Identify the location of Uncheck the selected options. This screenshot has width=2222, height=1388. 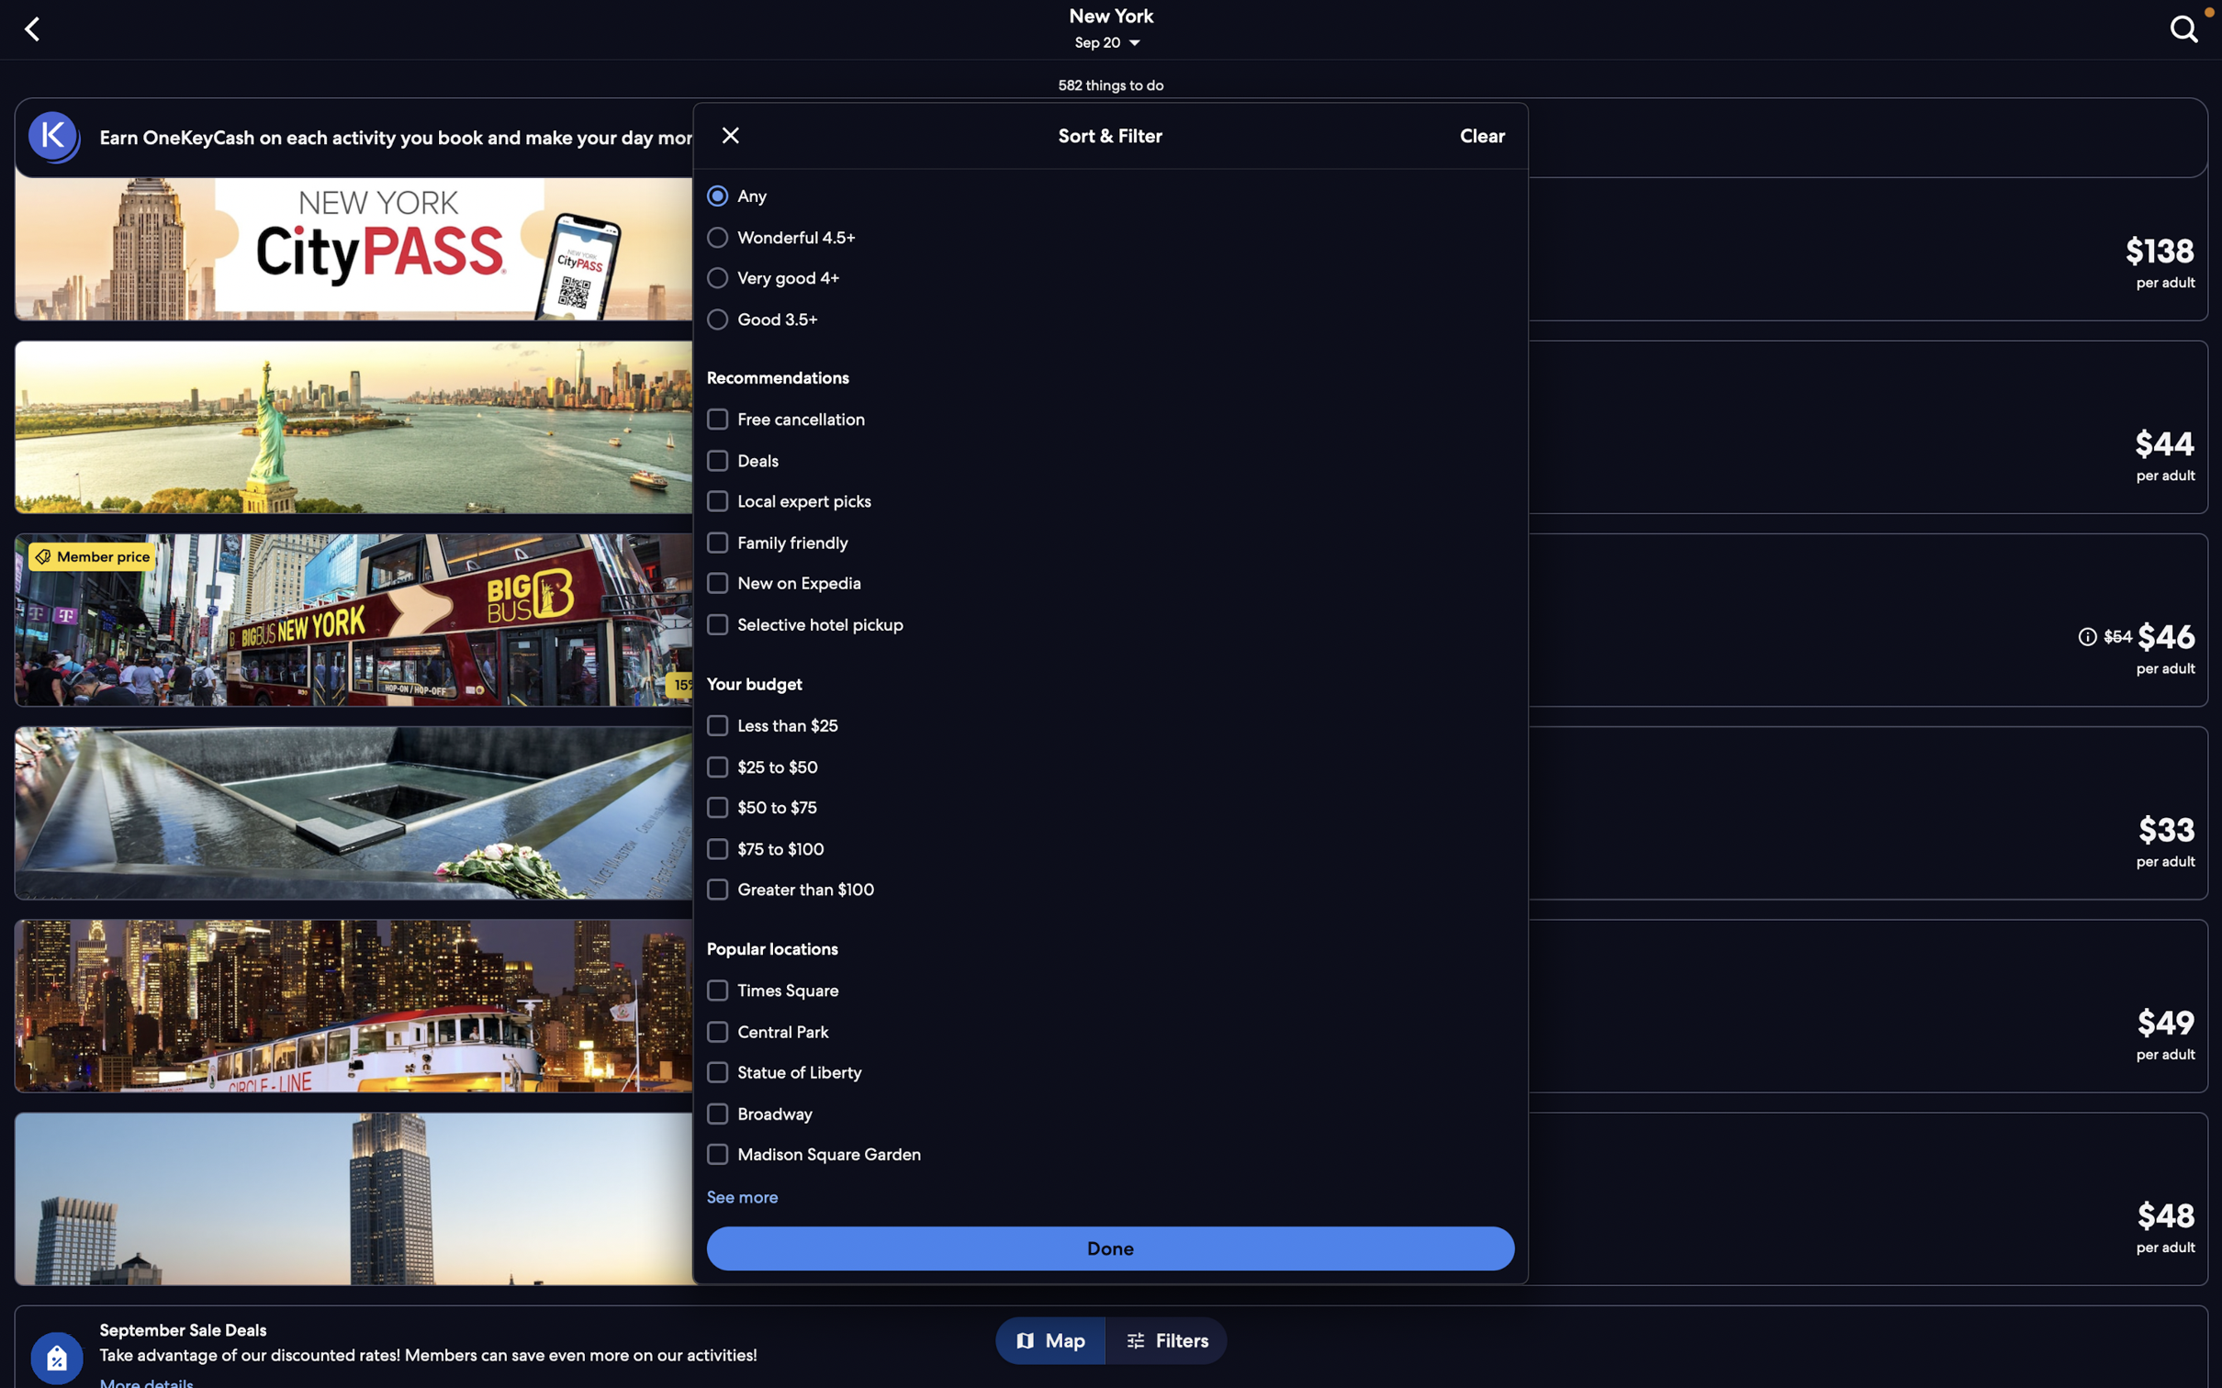
(1480, 136).